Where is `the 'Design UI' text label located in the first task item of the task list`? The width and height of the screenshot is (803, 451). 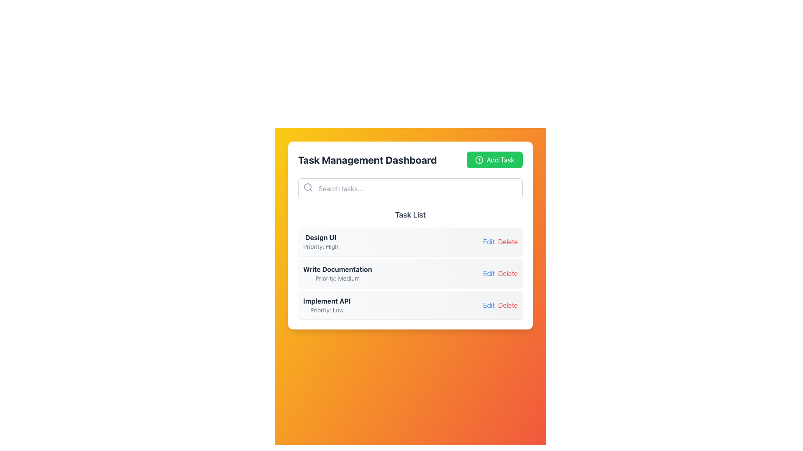
the 'Design UI' text label located in the first task item of the task list is located at coordinates (320, 241).